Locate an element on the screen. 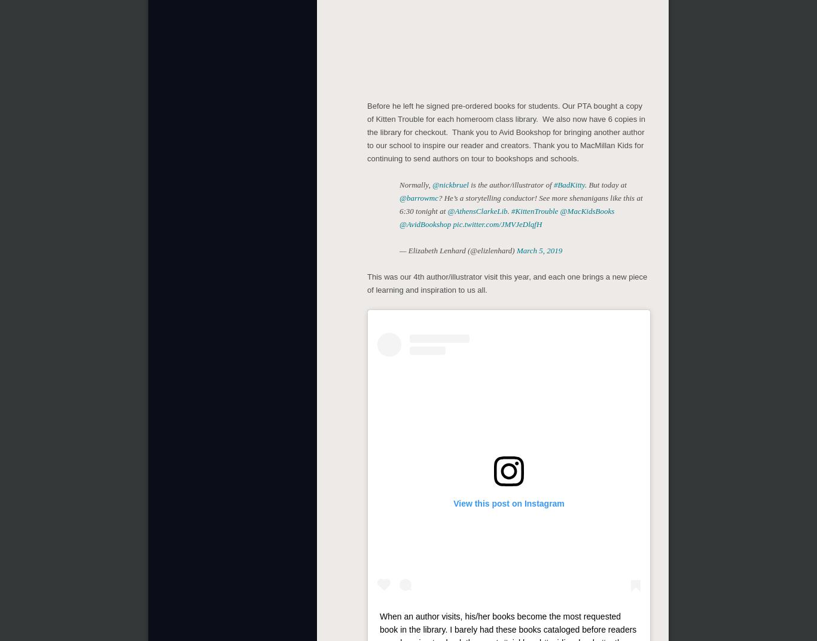 The image size is (817, 641). '. But today at ⁦' is located at coordinates (605, 185).